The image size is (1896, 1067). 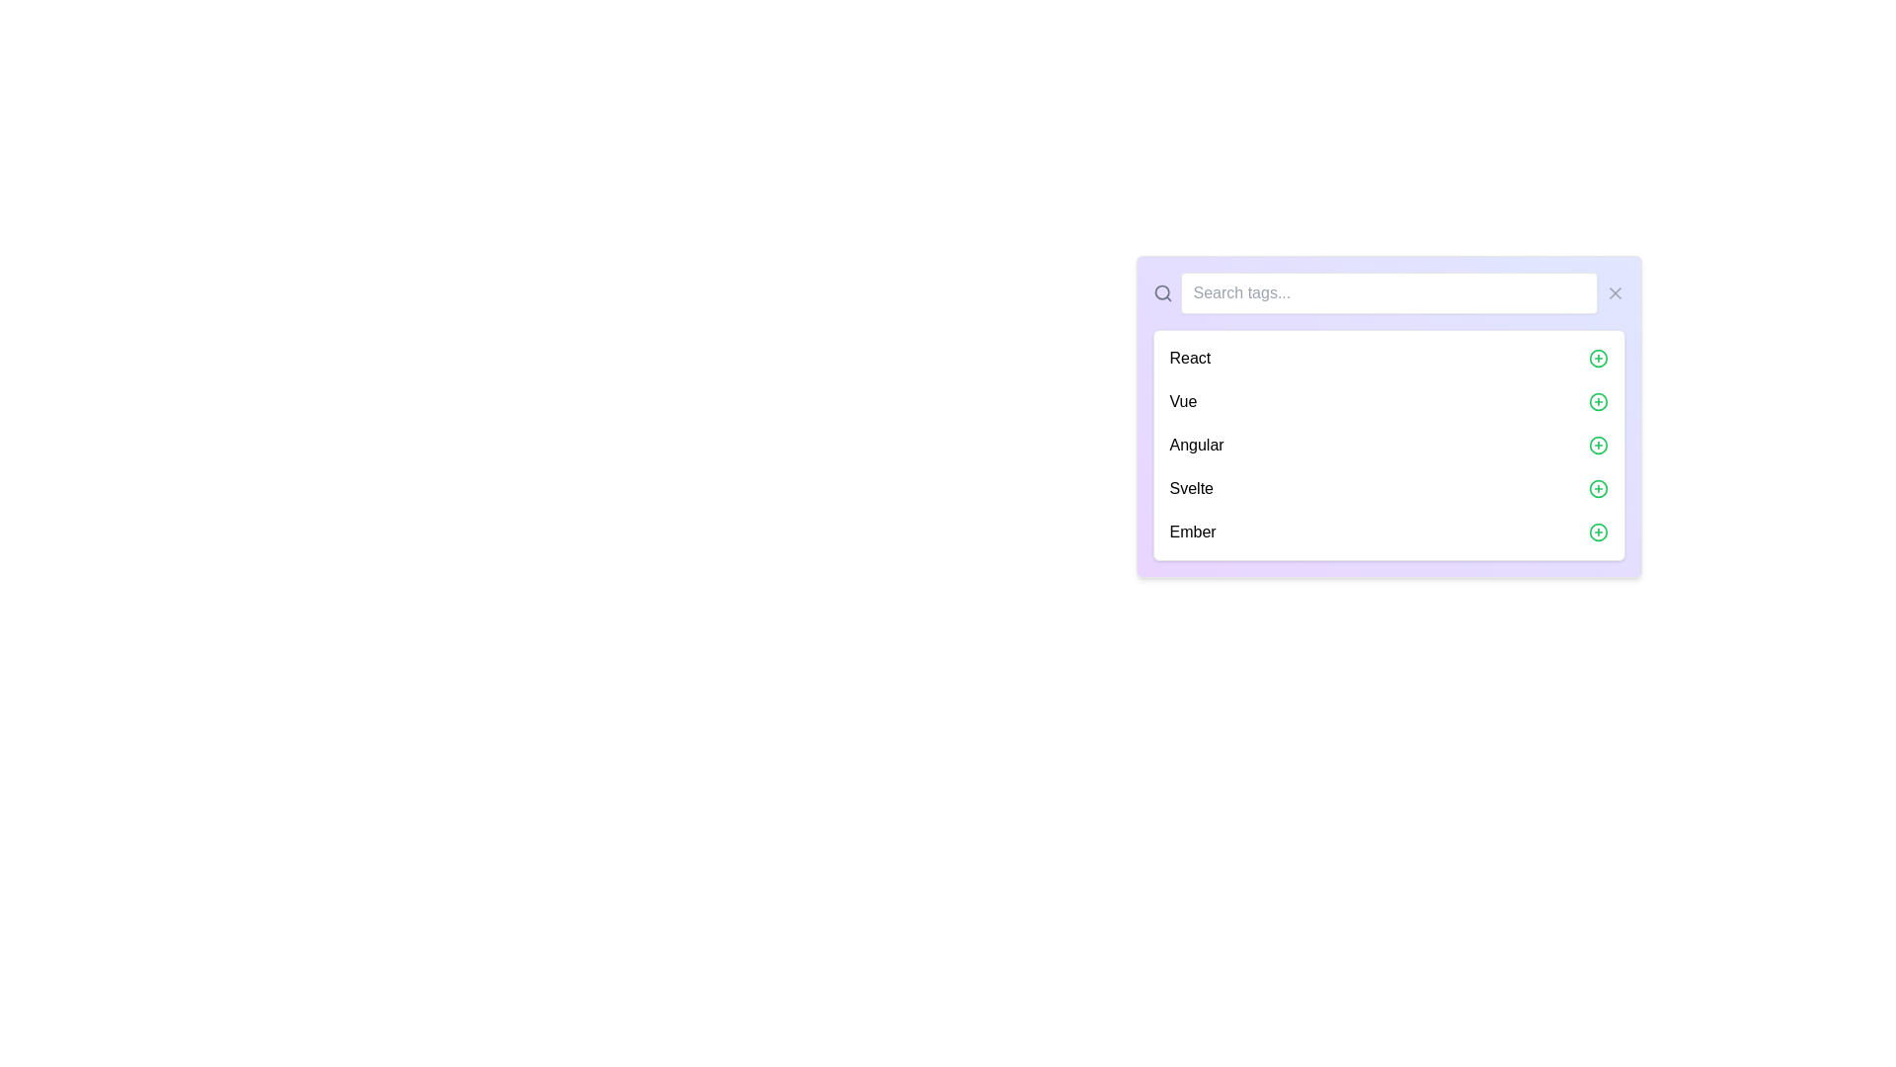 I want to click on the green '+' button on the third list item labeled 'Angular' within the drop-down menu, so click(x=1387, y=446).